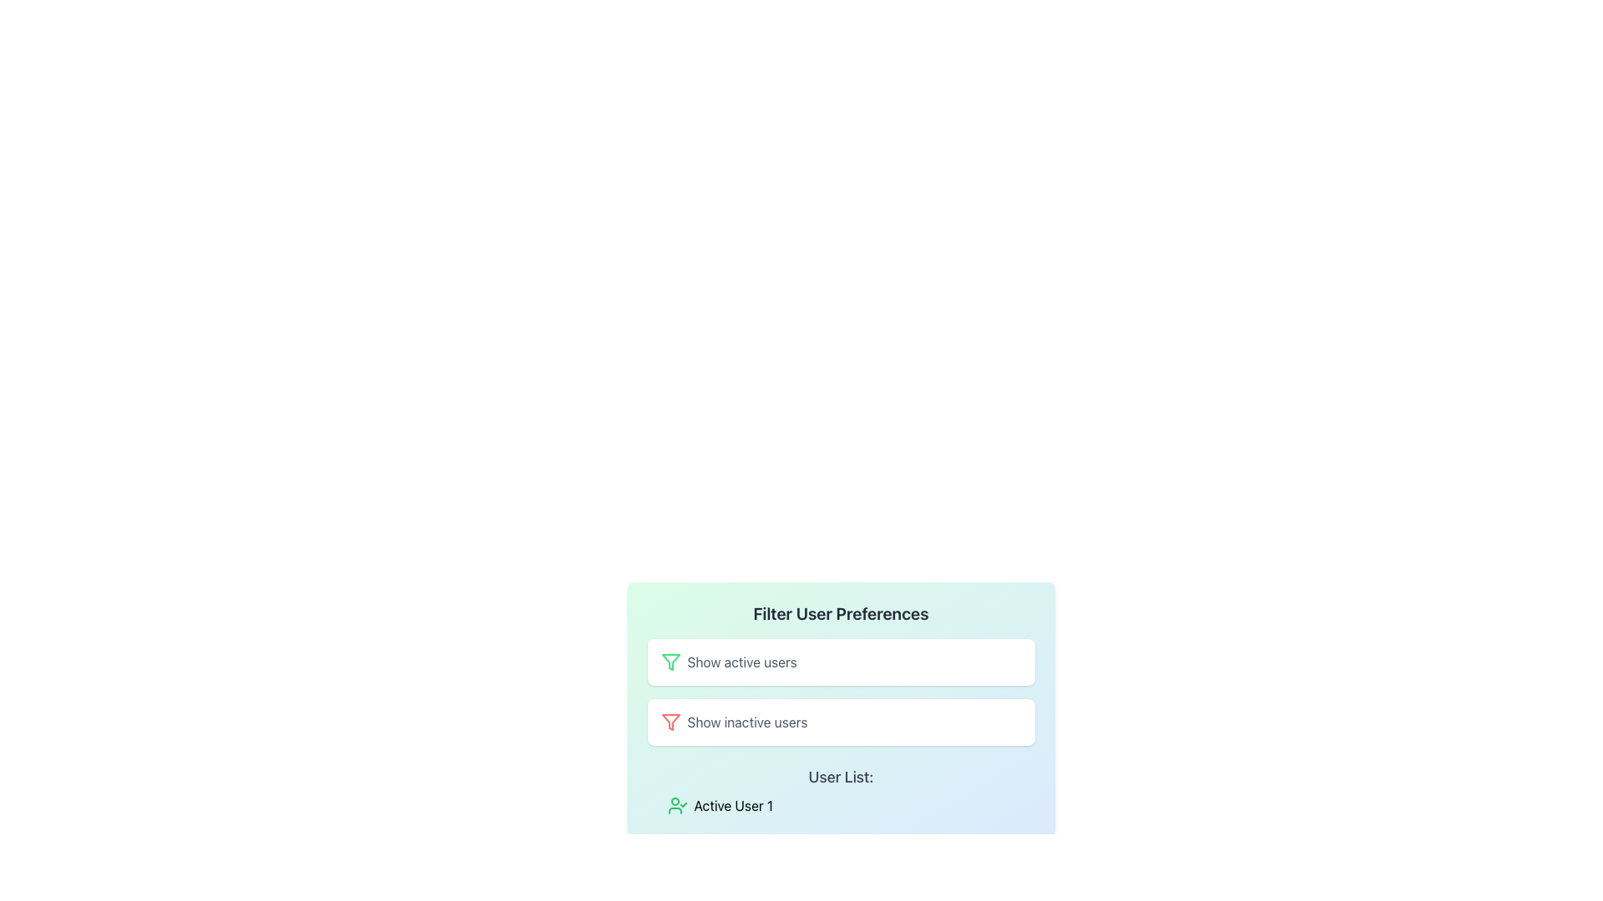  Describe the element at coordinates (677, 804) in the screenshot. I see `the active user indicator icon located in the bottom-left region of the 'User List' section, which visually signifies an active or verified user` at that location.